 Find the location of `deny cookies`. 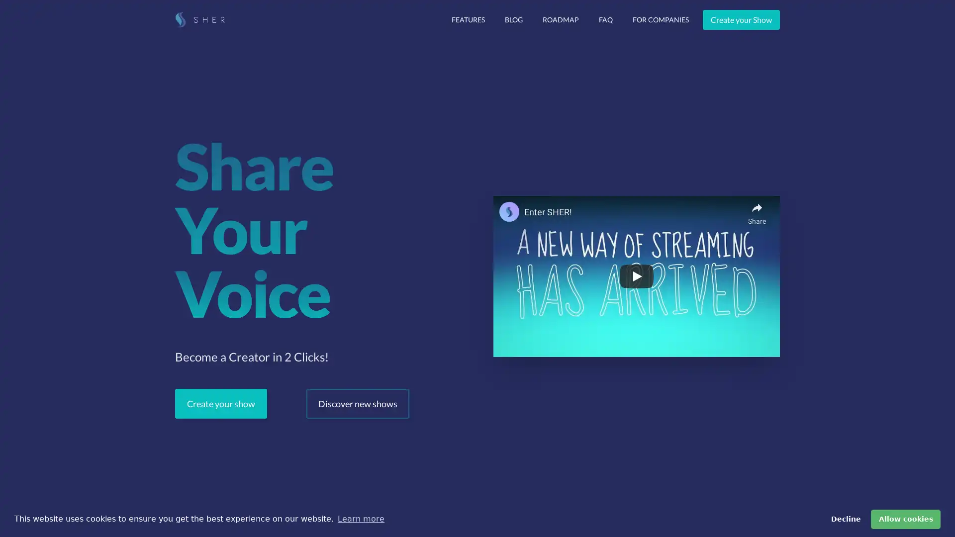

deny cookies is located at coordinates (845, 519).